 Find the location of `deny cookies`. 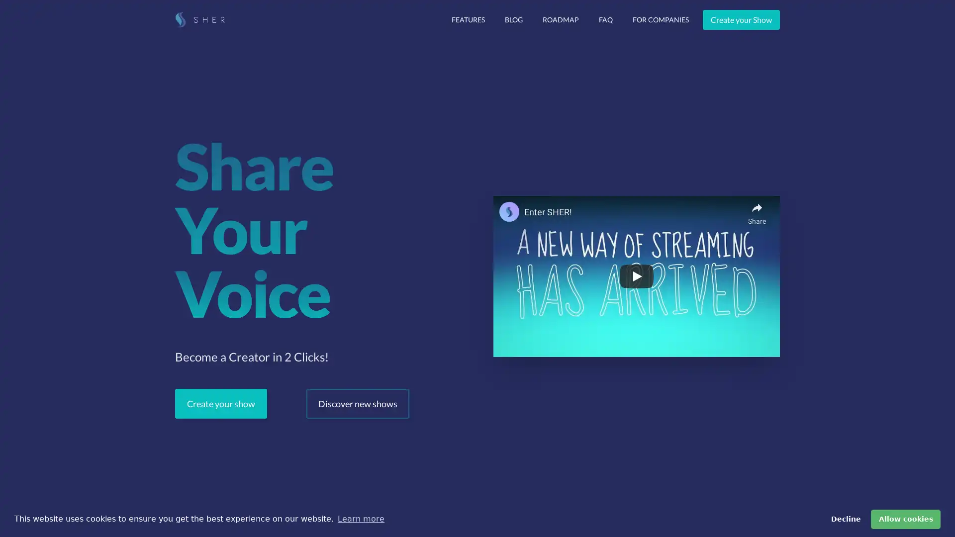

deny cookies is located at coordinates (845, 519).